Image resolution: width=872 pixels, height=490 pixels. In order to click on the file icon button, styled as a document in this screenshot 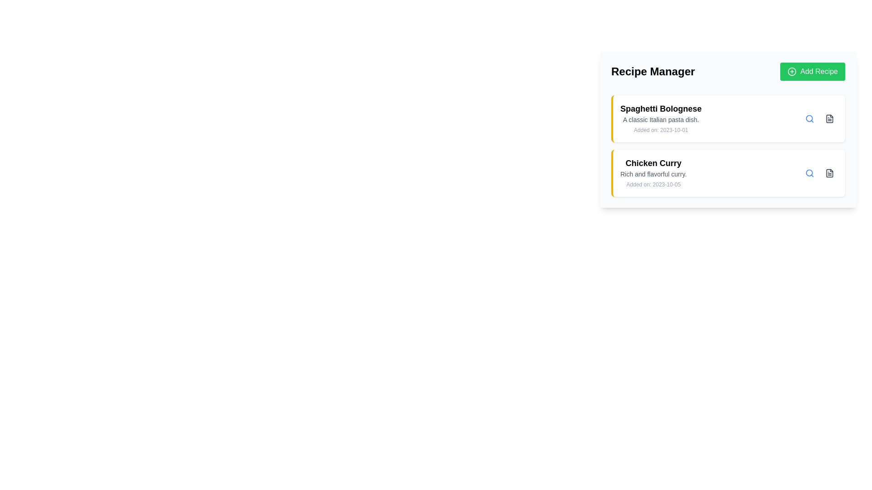, I will do `click(830, 173)`.